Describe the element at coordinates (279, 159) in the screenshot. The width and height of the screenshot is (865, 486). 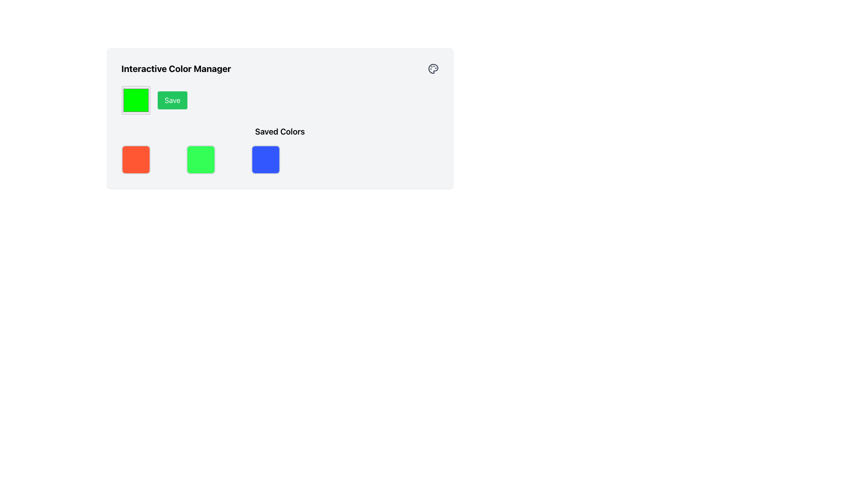
I see `the saved color entry represented by the color indicator or swatch, specifically the third square from the left in the 'Saved Colors' section` at that location.